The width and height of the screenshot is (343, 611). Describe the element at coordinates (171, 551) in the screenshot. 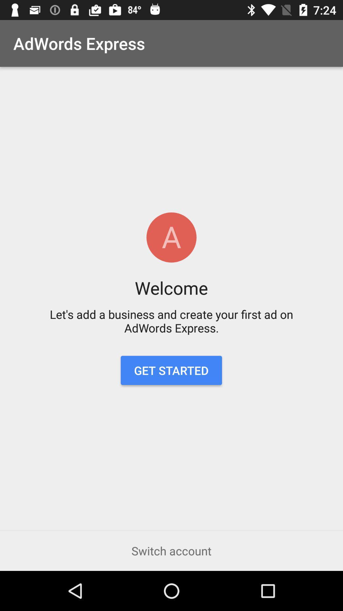

I see `the switch account icon` at that location.